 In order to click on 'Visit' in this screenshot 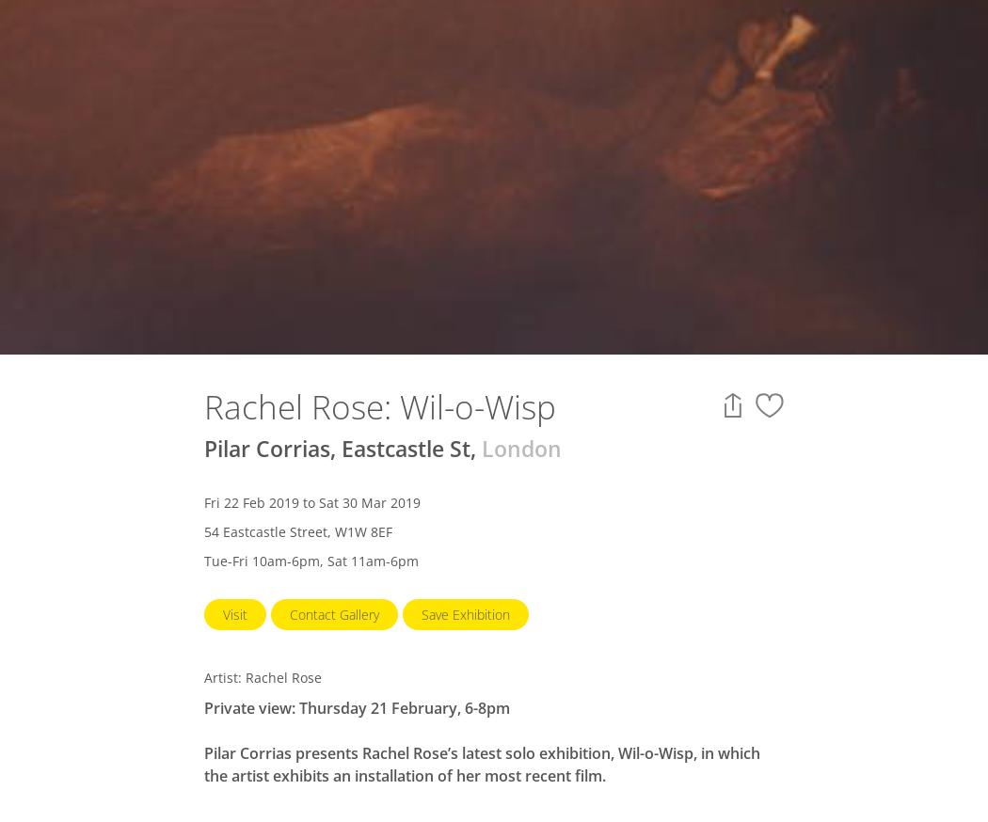, I will do `click(233, 613)`.